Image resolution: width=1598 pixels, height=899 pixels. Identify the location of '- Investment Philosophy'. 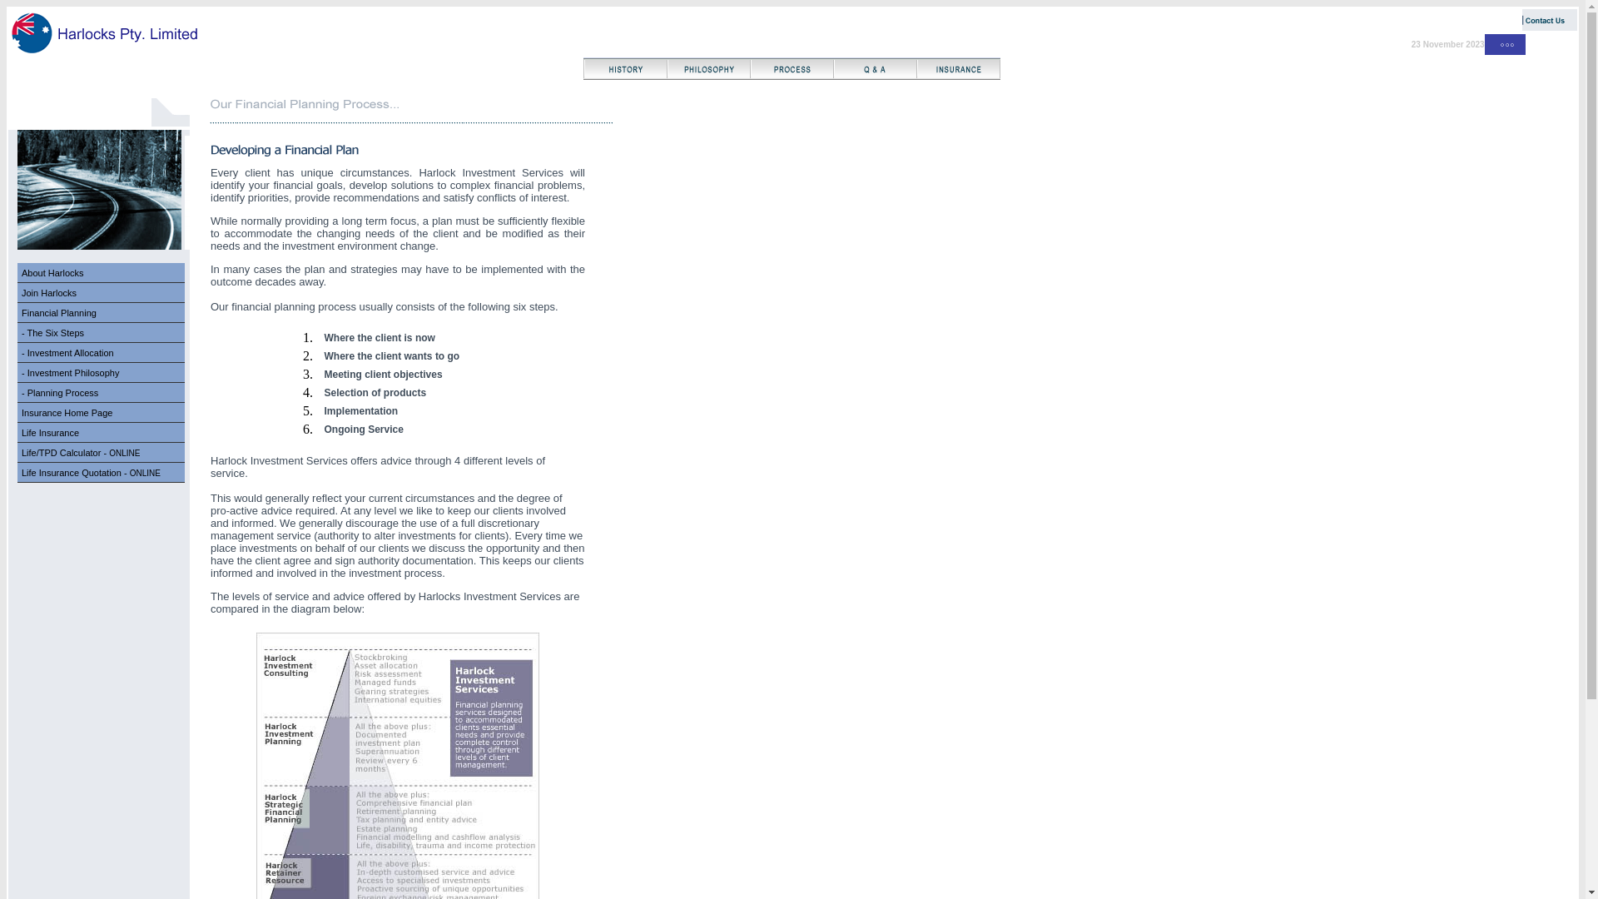
(69, 371).